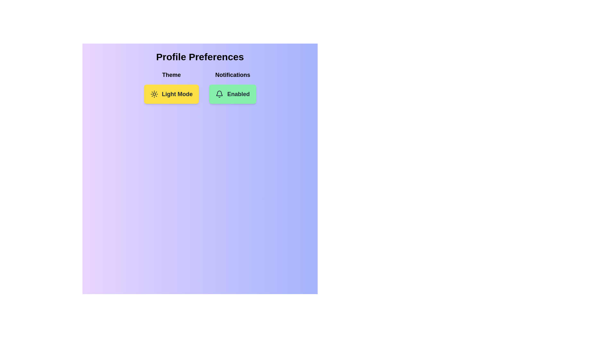 Image resolution: width=616 pixels, height=346 pixels. I want to click on the Notifications button to toggle its state, so click(232, 94).